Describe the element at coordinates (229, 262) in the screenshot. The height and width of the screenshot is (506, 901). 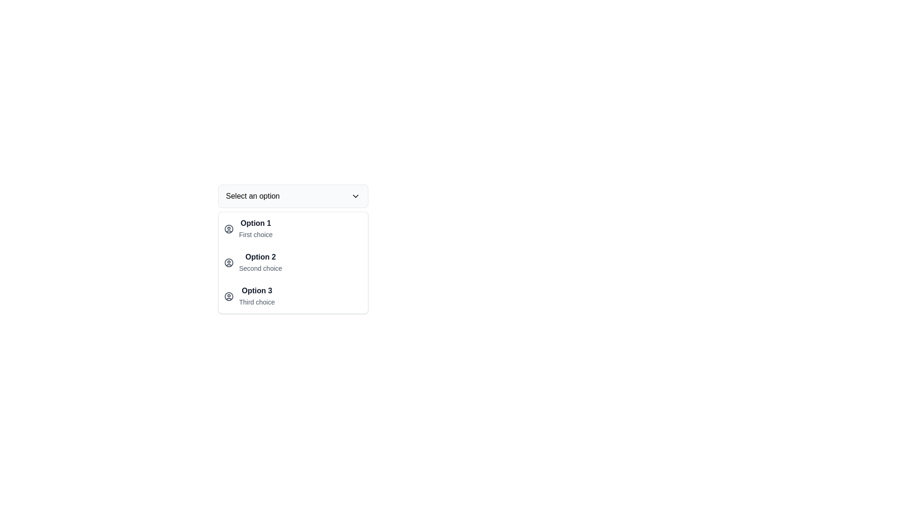
I see `the circular graphical element that is part of the icon representing 'Option 2' in the dropdown menu` at that location.